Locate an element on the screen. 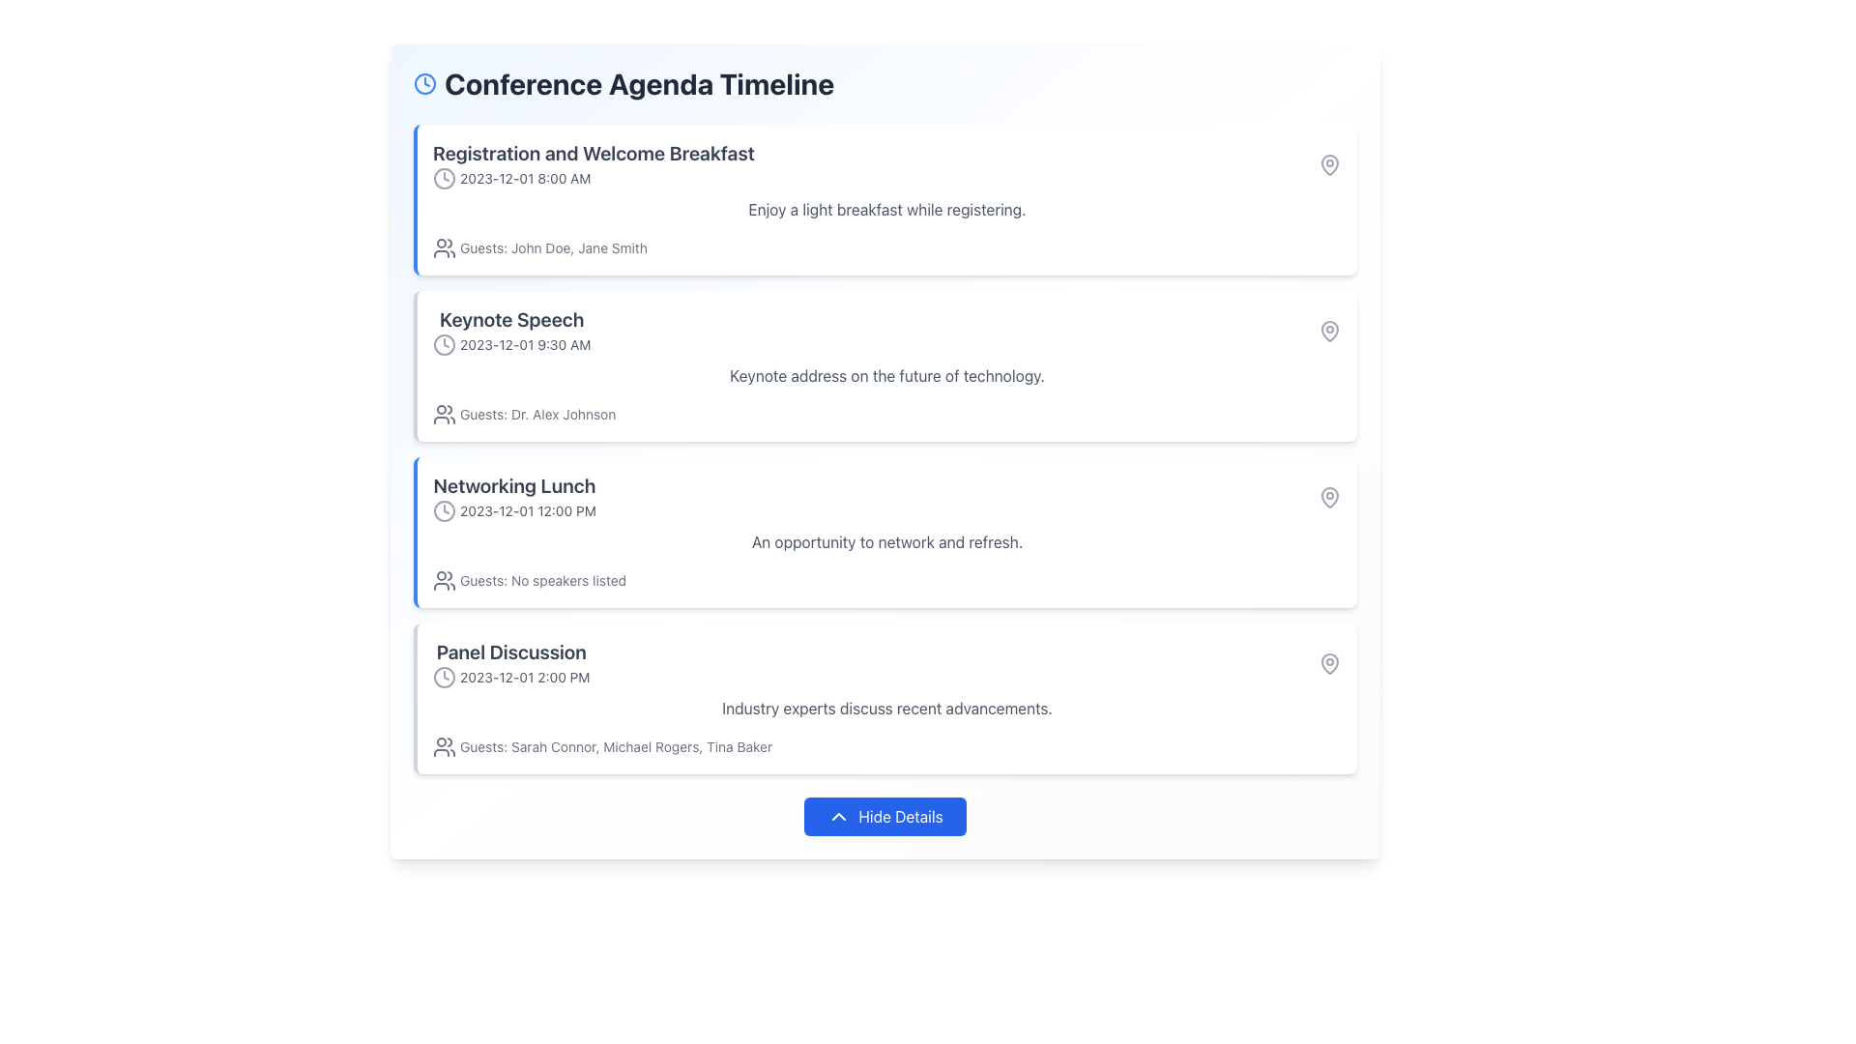  the button located at the bottom center of the page beneath the 'Panel Discussion' section is located at coordinates (884, 816).